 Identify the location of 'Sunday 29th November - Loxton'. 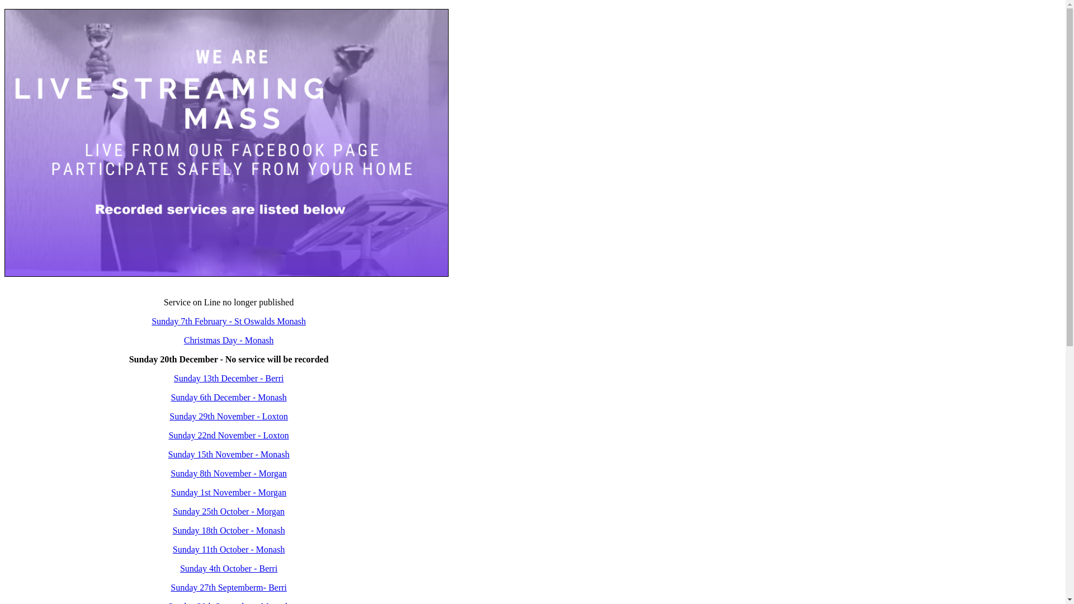
(168, 416).